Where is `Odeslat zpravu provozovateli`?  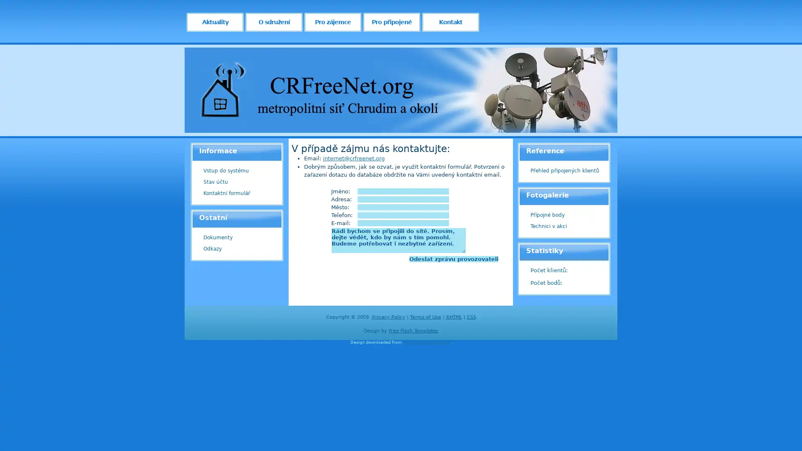 Odeslat zpravu provozovateli is located at coordinates (453, 258).